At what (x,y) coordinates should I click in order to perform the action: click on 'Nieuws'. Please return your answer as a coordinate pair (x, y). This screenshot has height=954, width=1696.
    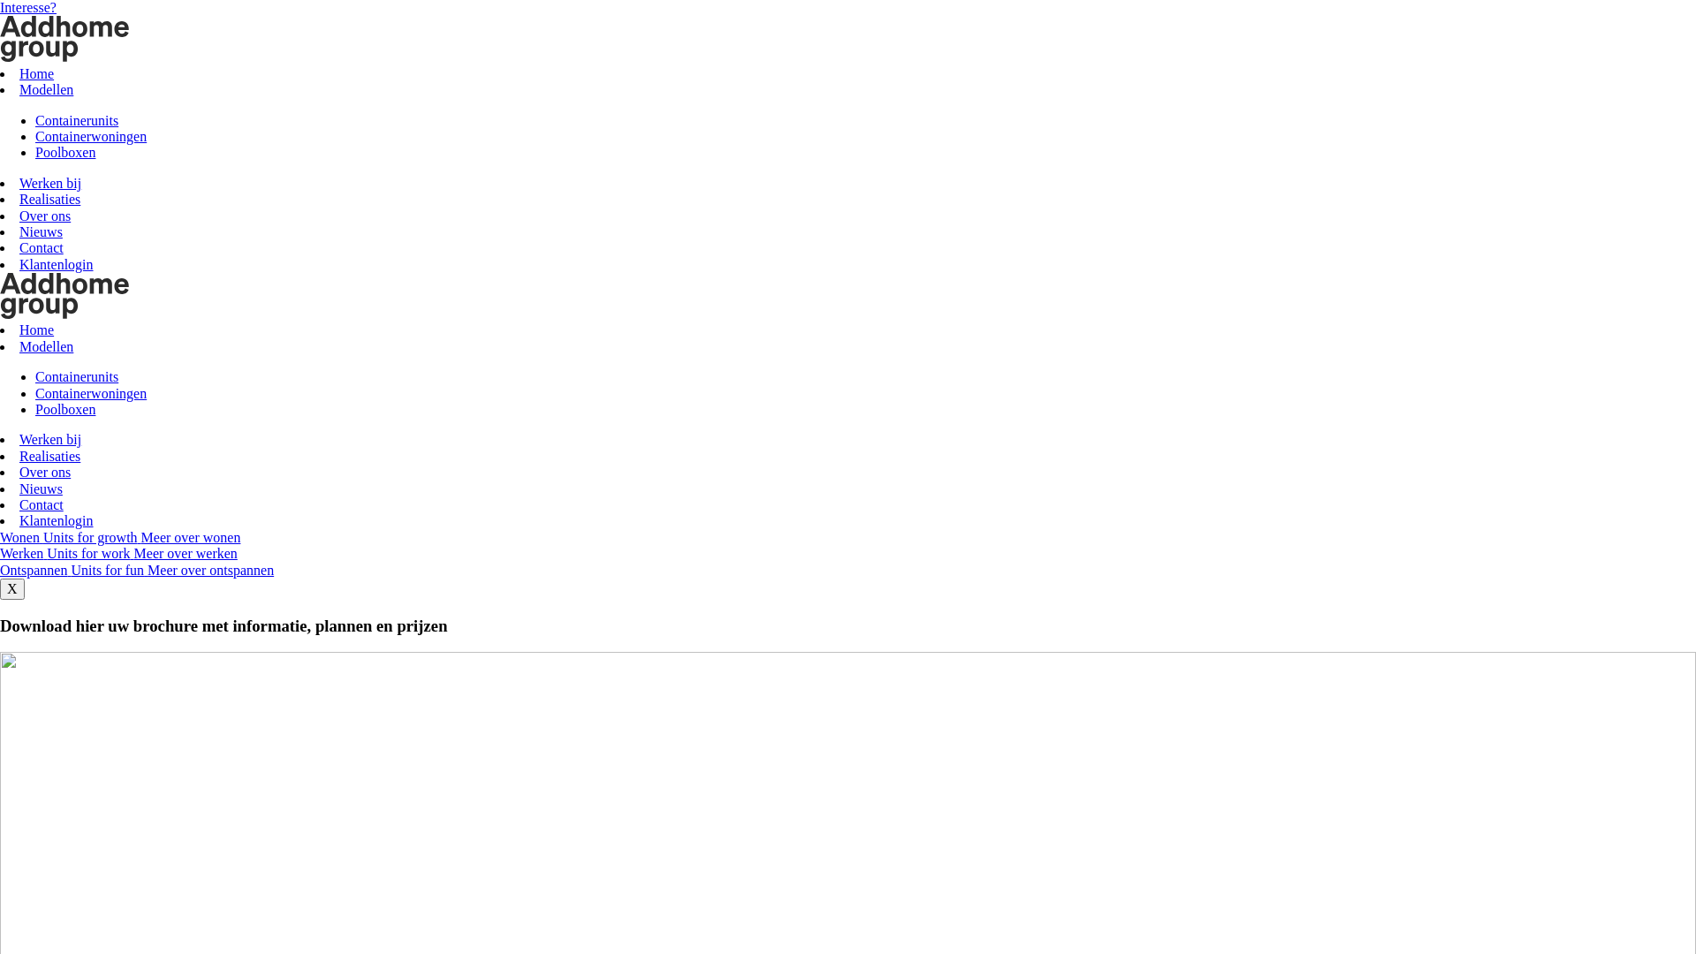
    Looking at the image, I should click on (19, 488).